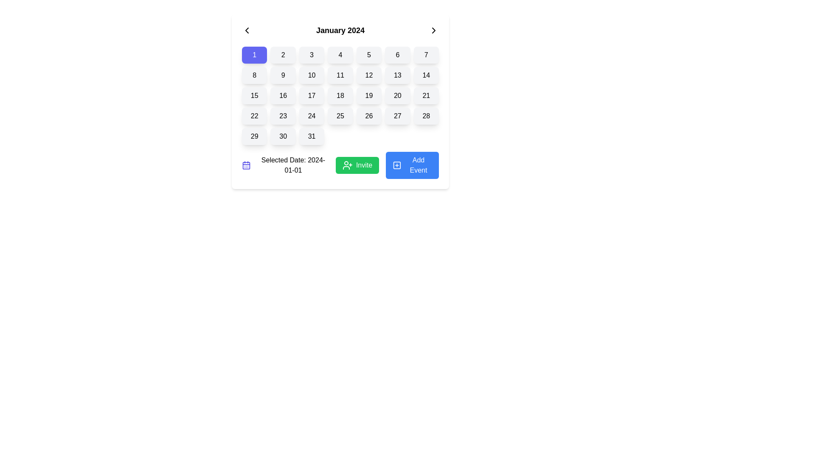 The image size is (815, 458). What do you see at coordinates (340, 165) in the screenshot?
I see `the Invite button located in the bottom row of the calendar card, which opens the invitation menu for the selected date` at bounding box center [340, 165].